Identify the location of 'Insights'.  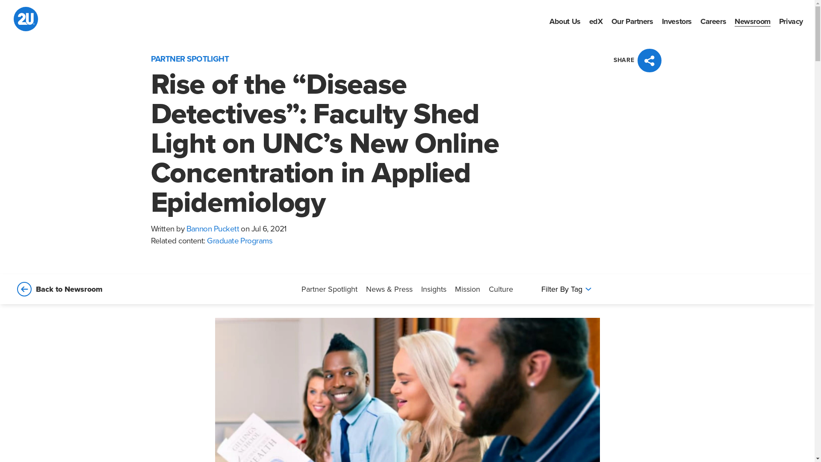
(421, 289).